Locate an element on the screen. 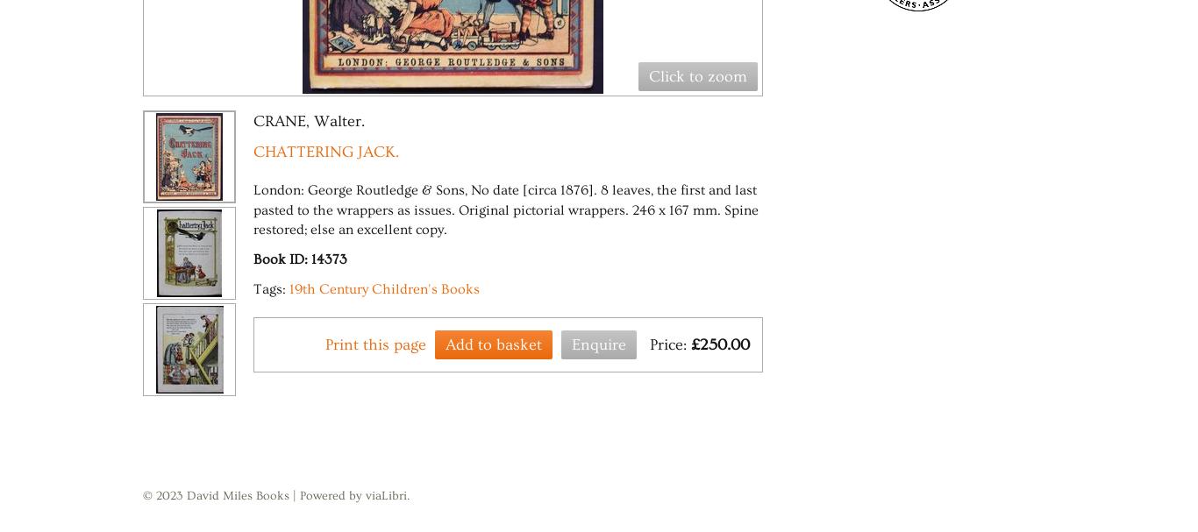  '© 2023 David Miles Books |' is located at coordinates (221, 496).